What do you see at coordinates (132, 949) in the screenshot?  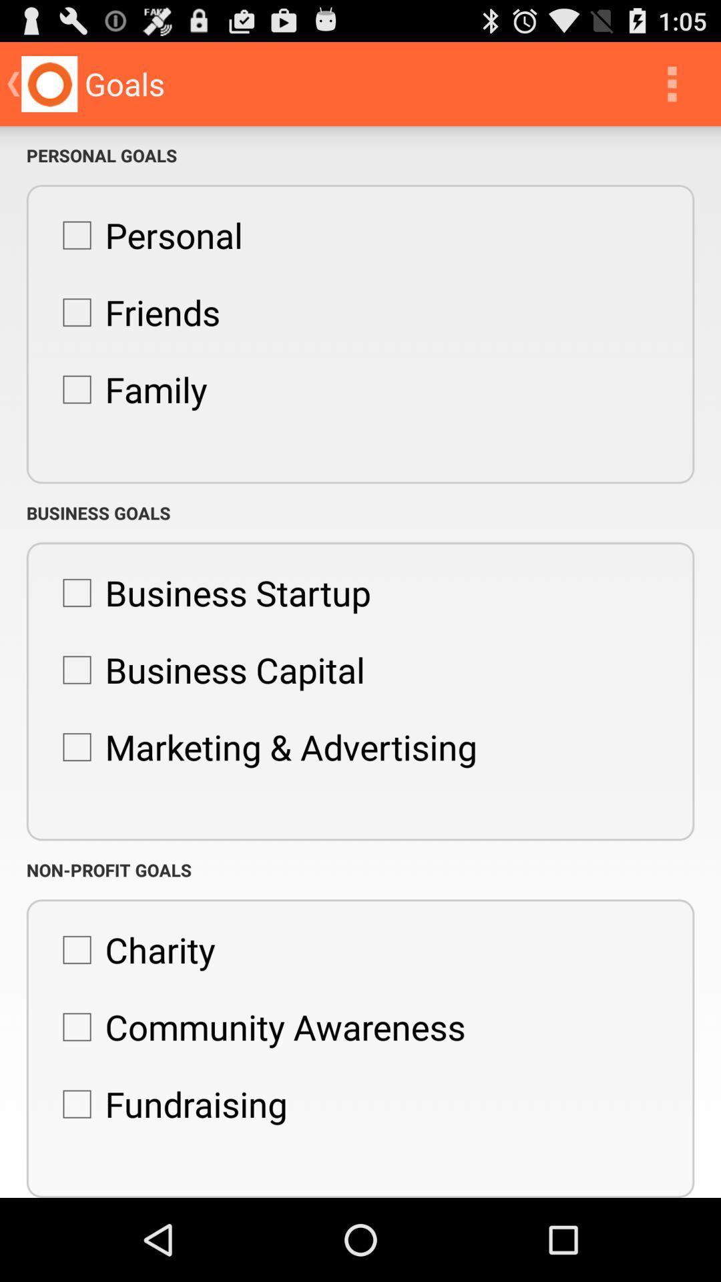 I see `icon below the non-profit goals app` at bounding box center [132, 949].